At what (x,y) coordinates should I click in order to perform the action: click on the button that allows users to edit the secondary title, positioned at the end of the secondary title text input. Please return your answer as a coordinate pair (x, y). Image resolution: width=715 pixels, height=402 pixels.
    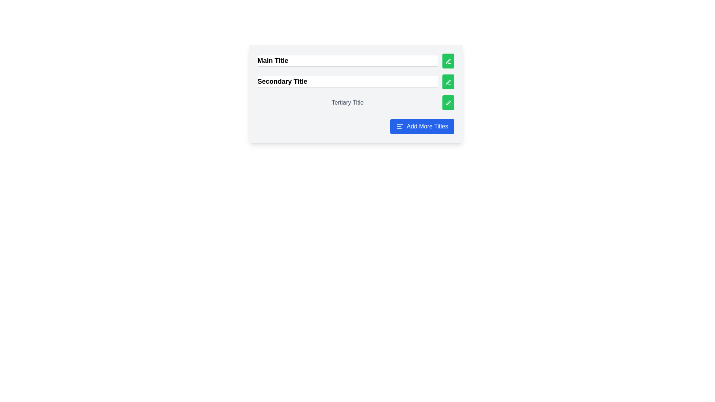
    Looking at the image, I should click on (448, 82).